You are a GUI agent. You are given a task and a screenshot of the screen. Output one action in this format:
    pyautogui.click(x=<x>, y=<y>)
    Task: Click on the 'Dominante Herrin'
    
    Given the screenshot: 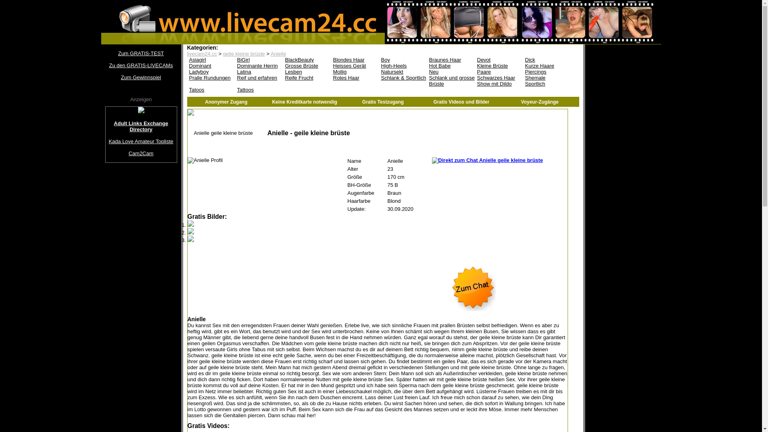 What is the action you would take?
    pyautogui.click(x=259, y=65)
    